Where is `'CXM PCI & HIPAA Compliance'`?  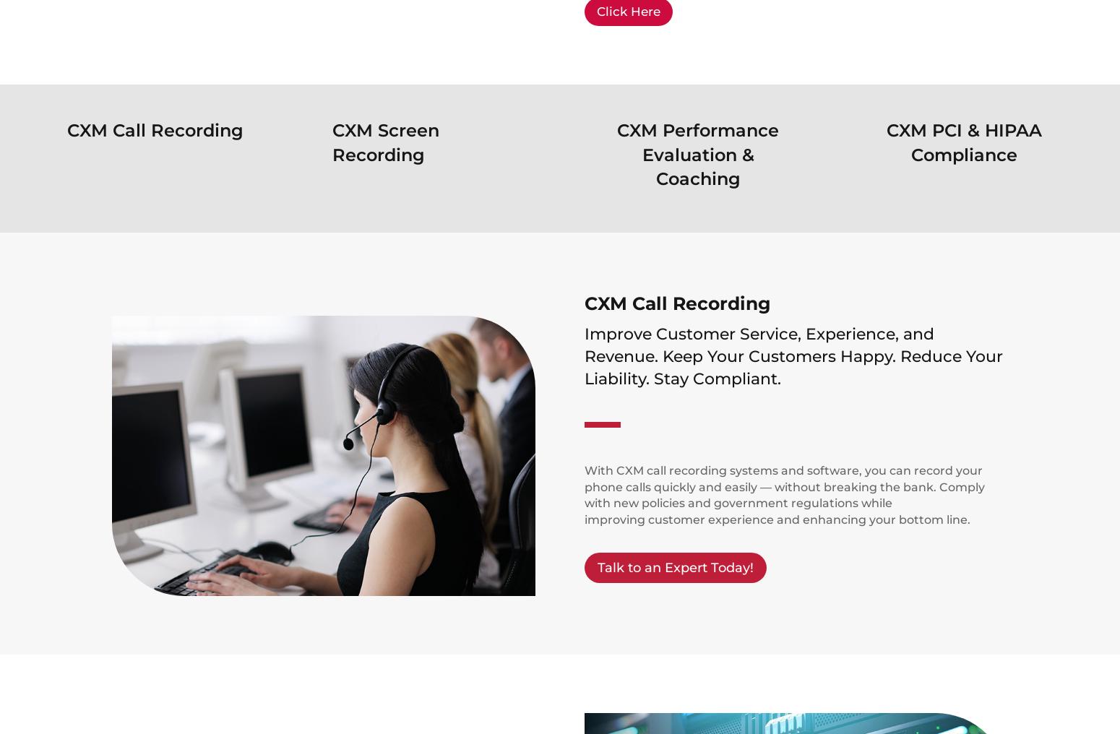
'CXM PCI & HIPAA Compliance' is located at coordinates (886, 142).